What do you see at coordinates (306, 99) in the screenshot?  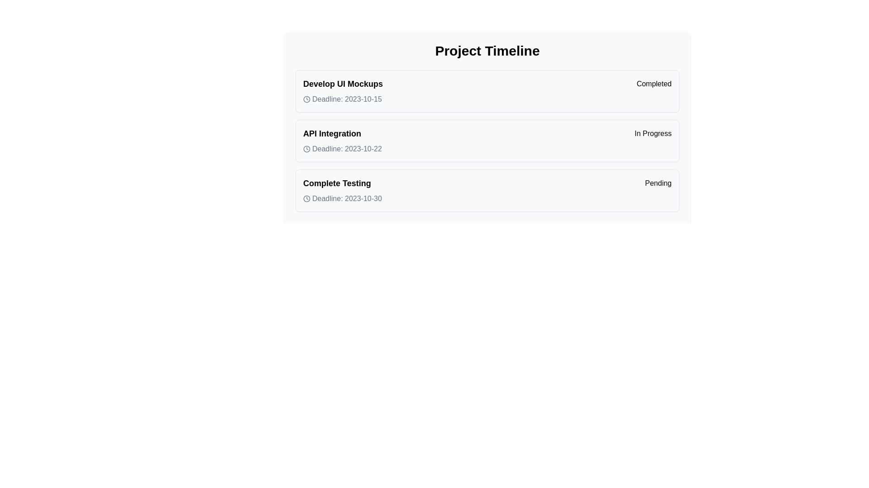 I see `the circular graphical element of the clock icon preceding the 'Deadline: 2023-10-15' text in the 'Develop UI Mockups' row` at bounding box center [306, 99].